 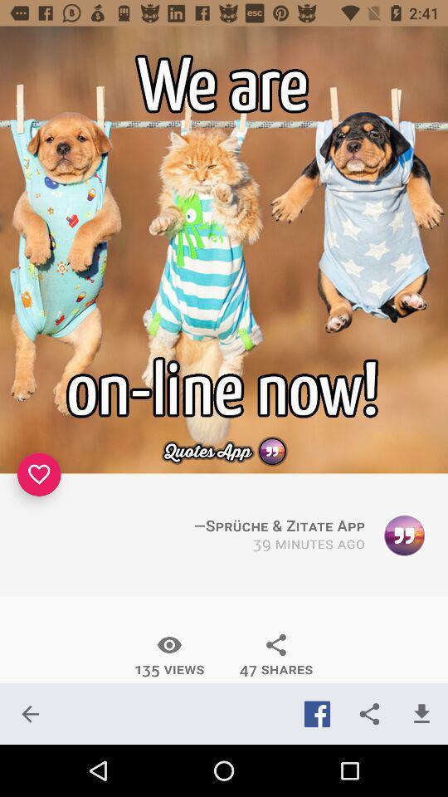 What do you see at coordinates (309, 543) in the screenshot?
I see `item above the 47 shares icon` at bounding box center [309, 543].